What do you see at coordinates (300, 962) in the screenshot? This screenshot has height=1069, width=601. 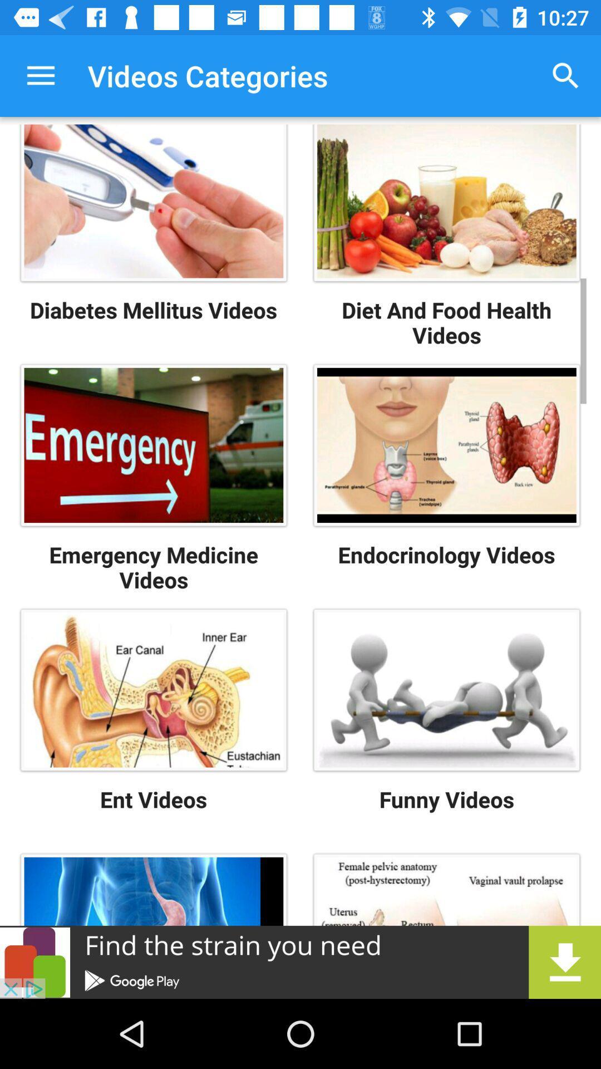 I see `advertisement option` at bounding box center [300, 962].